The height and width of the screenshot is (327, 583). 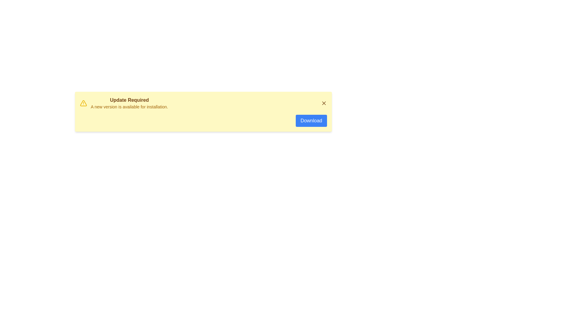 I want to click on the 'Download' button to proceed with the update process, so click(x=311, y=121).